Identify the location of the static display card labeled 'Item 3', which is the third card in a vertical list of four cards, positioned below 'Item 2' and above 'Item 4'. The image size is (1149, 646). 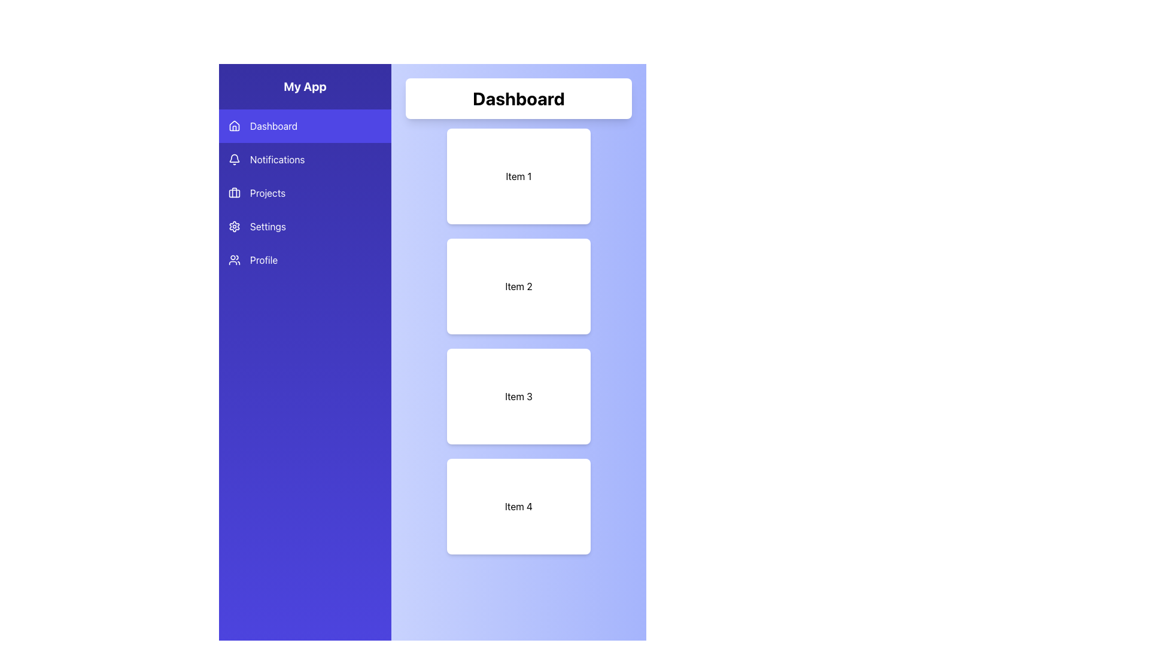
(519, 397).